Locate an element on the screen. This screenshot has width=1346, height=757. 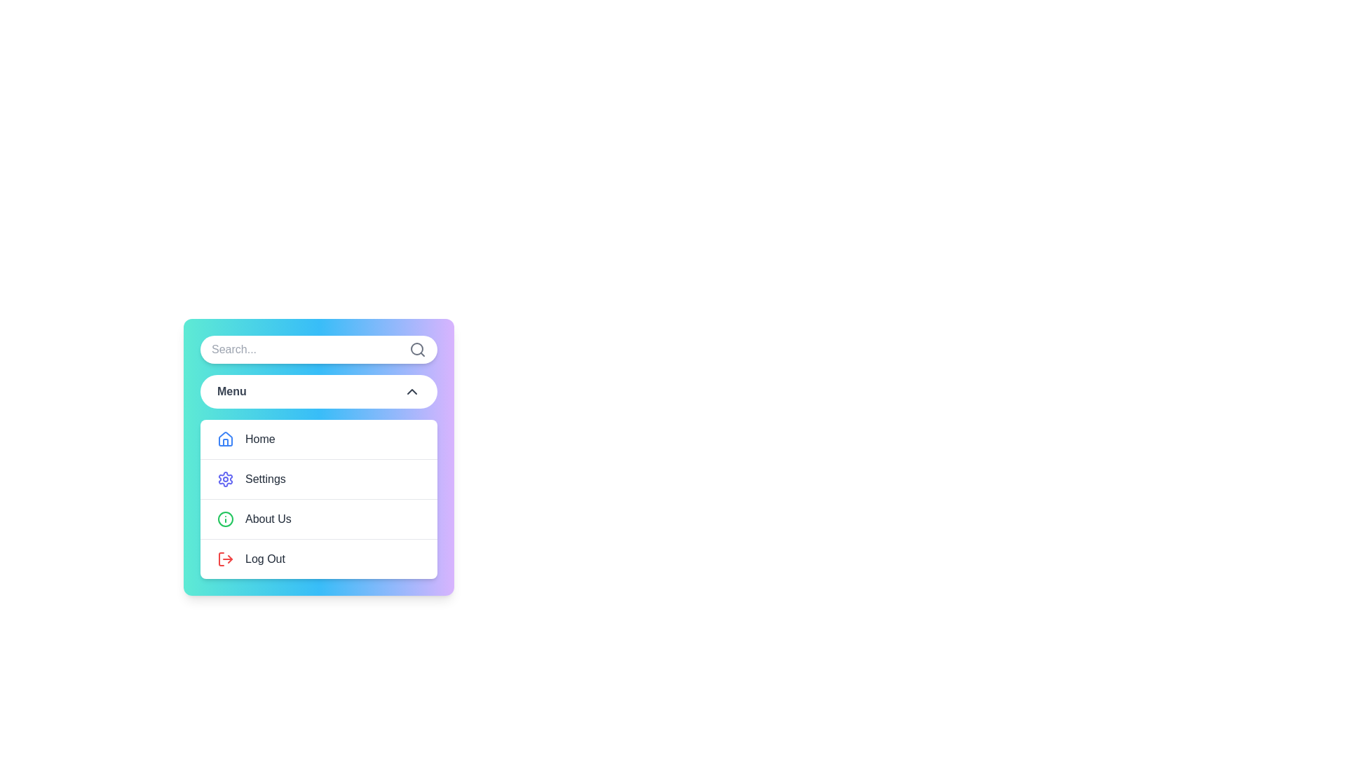
the 'Log Out' menu item, which features a red icon and is located at the bottom of the vertical menu stack is located at coordinates (221, 559).